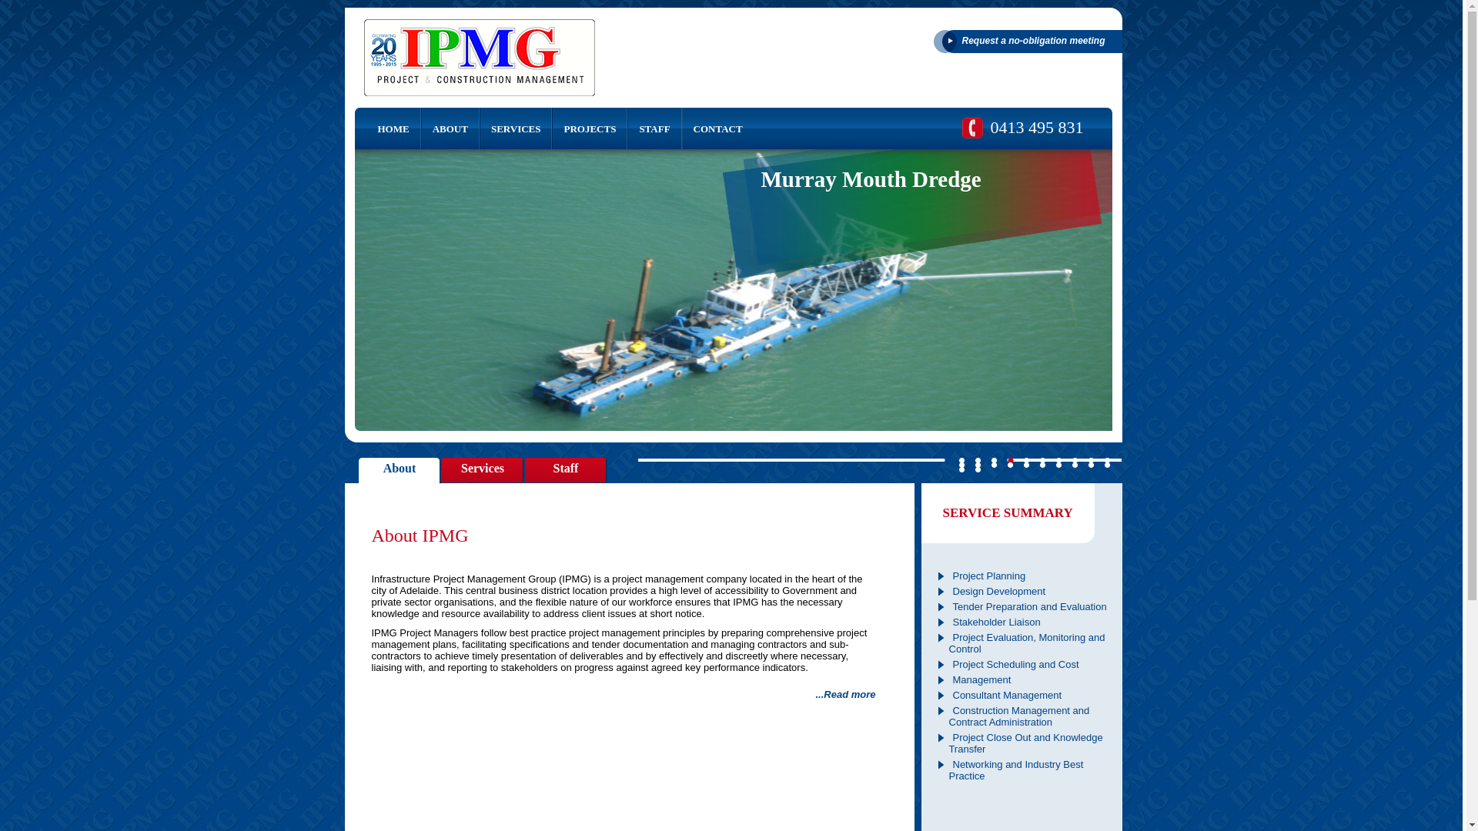 The width and height of the screenshot is (1478, 831). Describe the element at coordinates (450, 127) in the screenshot. I see `'ABOUT'` at that location.